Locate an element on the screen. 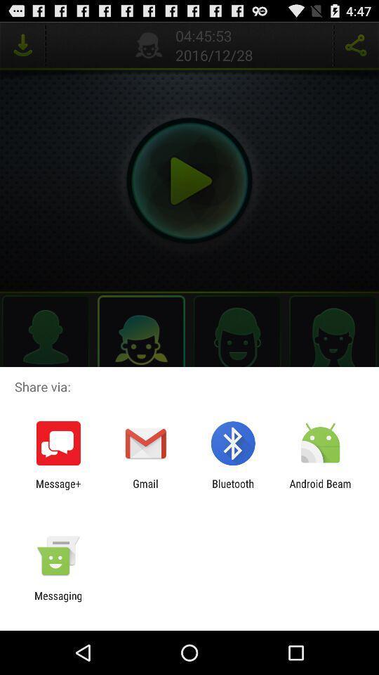 Image resolution: width=379 pixels, height=675 pixels. the messaging is located at coordinates (58, 601).